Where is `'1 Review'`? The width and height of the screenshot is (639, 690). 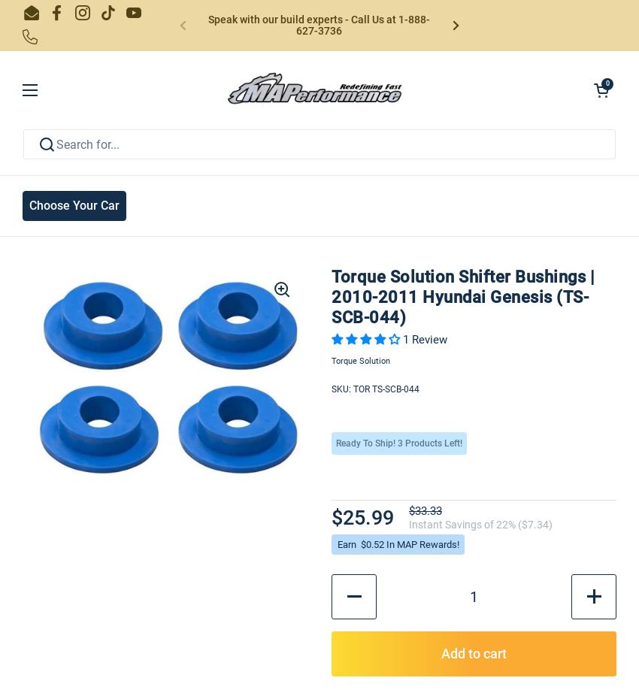
'1 Review' is located at coordinates (425, 338).